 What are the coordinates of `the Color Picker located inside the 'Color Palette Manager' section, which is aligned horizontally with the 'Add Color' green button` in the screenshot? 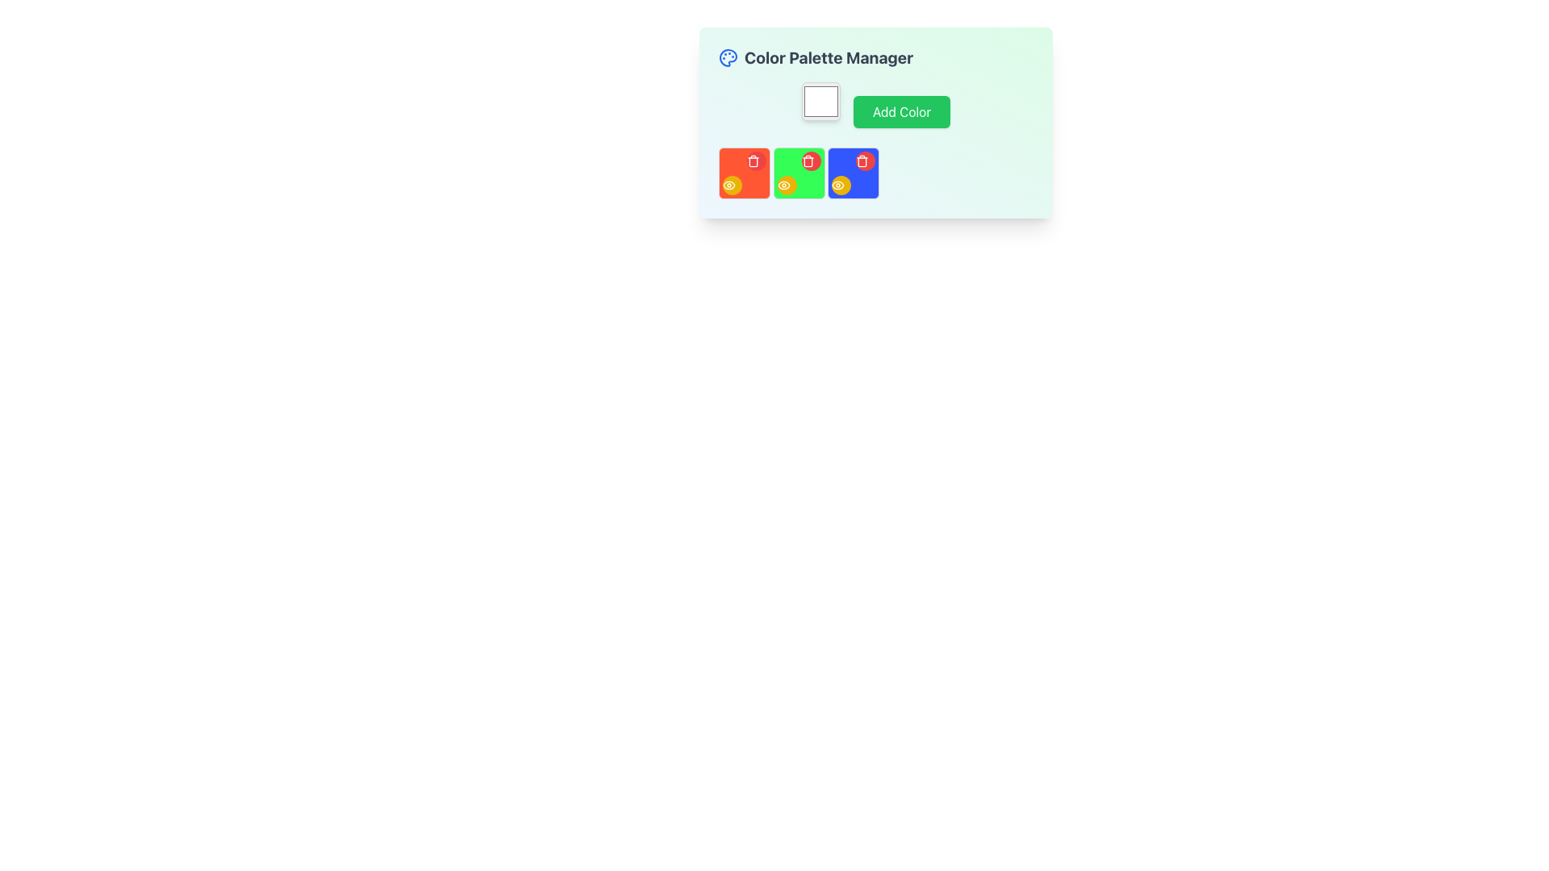 It's located at (820, 102).